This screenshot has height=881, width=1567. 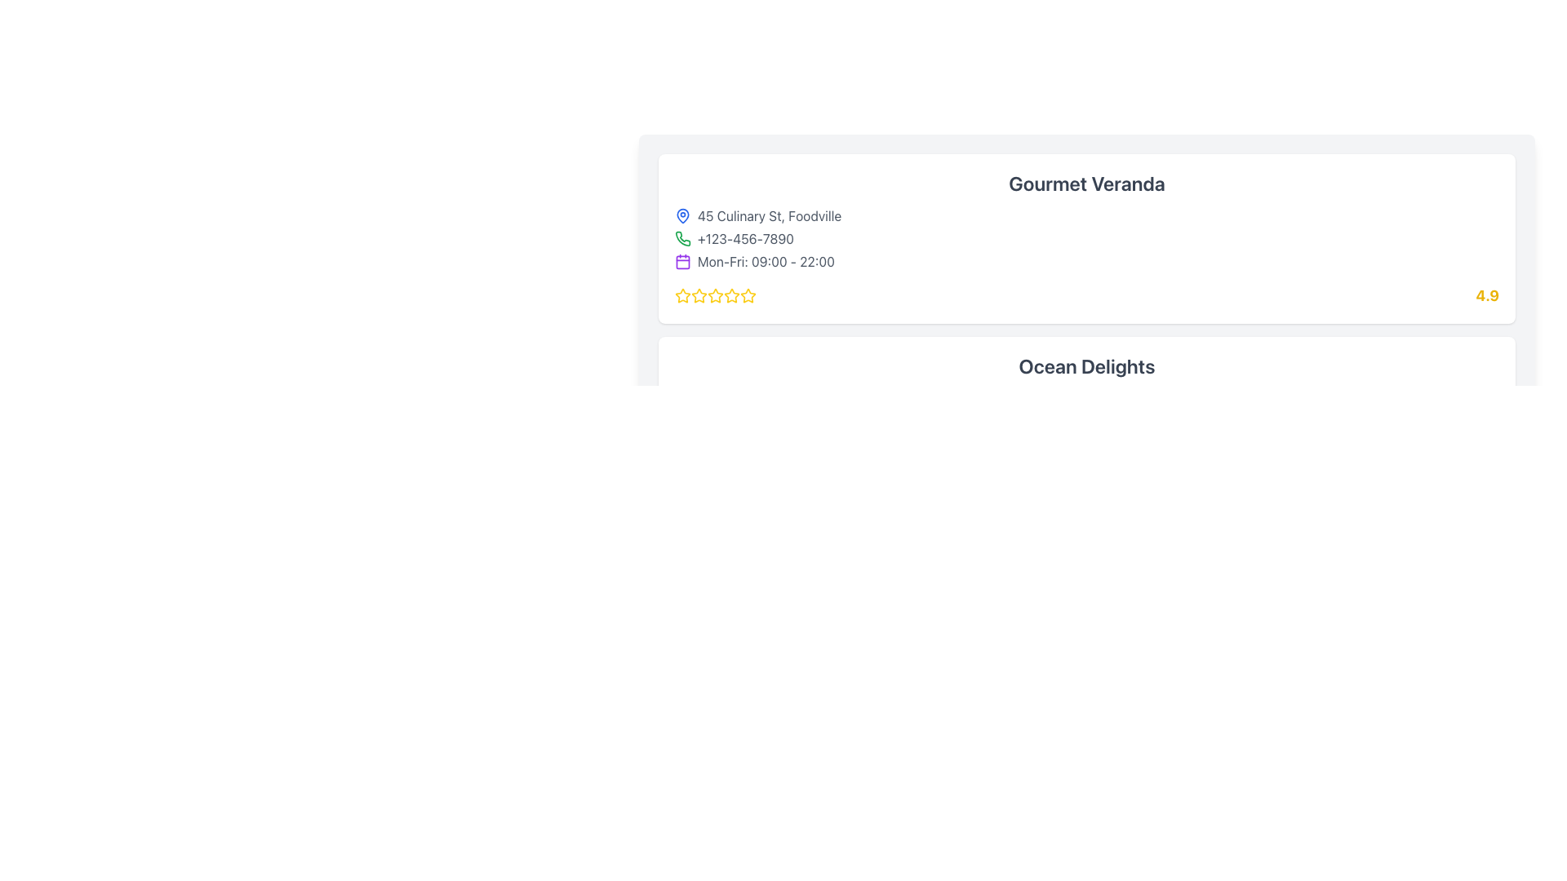 I want to click on the second star icon in the rating system to visually indicate a score or quality level, so click(x=699, y=295).